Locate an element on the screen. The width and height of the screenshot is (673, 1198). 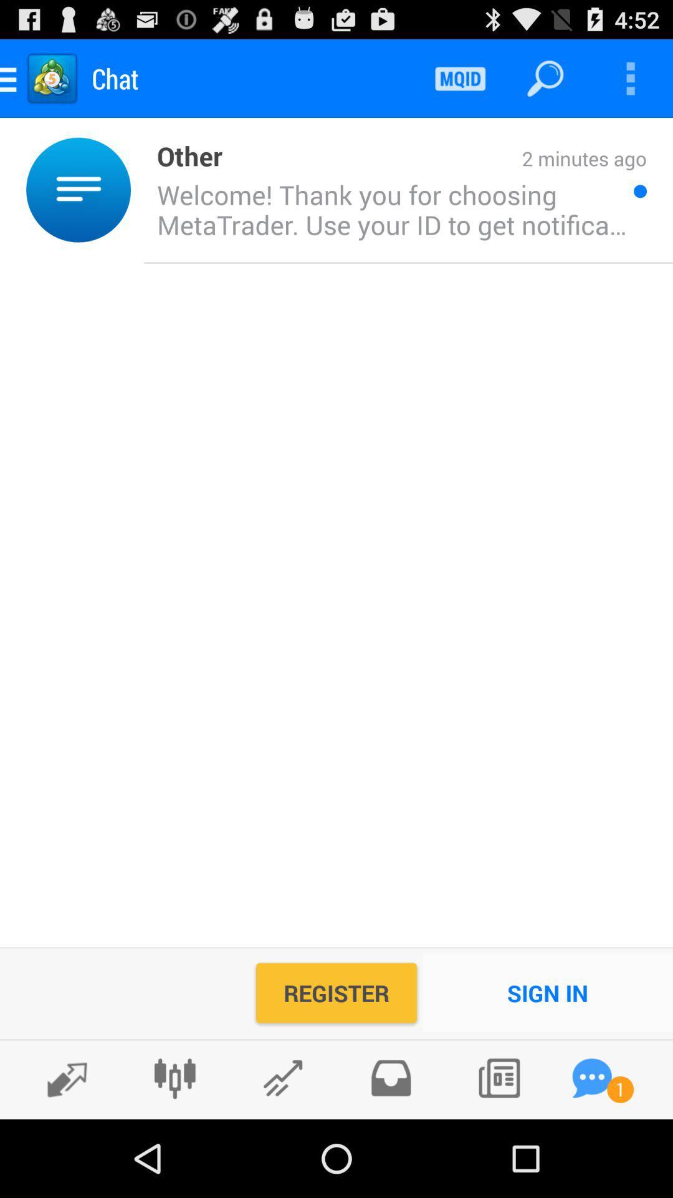
inbox is located at coordinates (390, 1078).